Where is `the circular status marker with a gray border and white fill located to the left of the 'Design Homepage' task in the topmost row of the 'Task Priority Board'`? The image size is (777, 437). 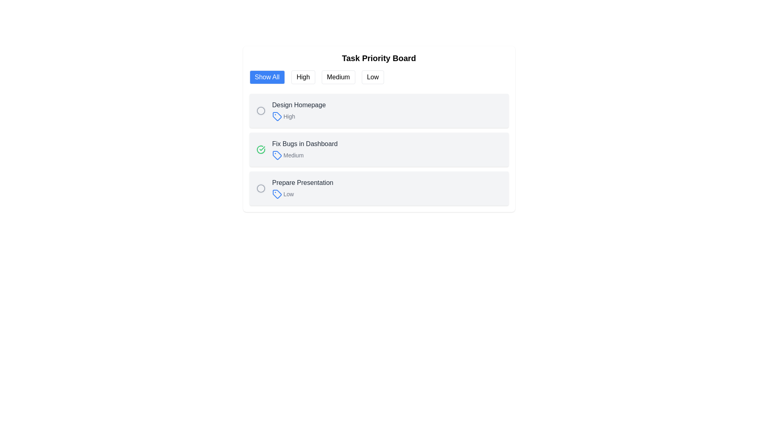 the circular status marker with a gray border and white fill located to the left of the 'Design Homepage' task in the topmost row of the 'Task Priority Board' is located at coordinates (261, 110).